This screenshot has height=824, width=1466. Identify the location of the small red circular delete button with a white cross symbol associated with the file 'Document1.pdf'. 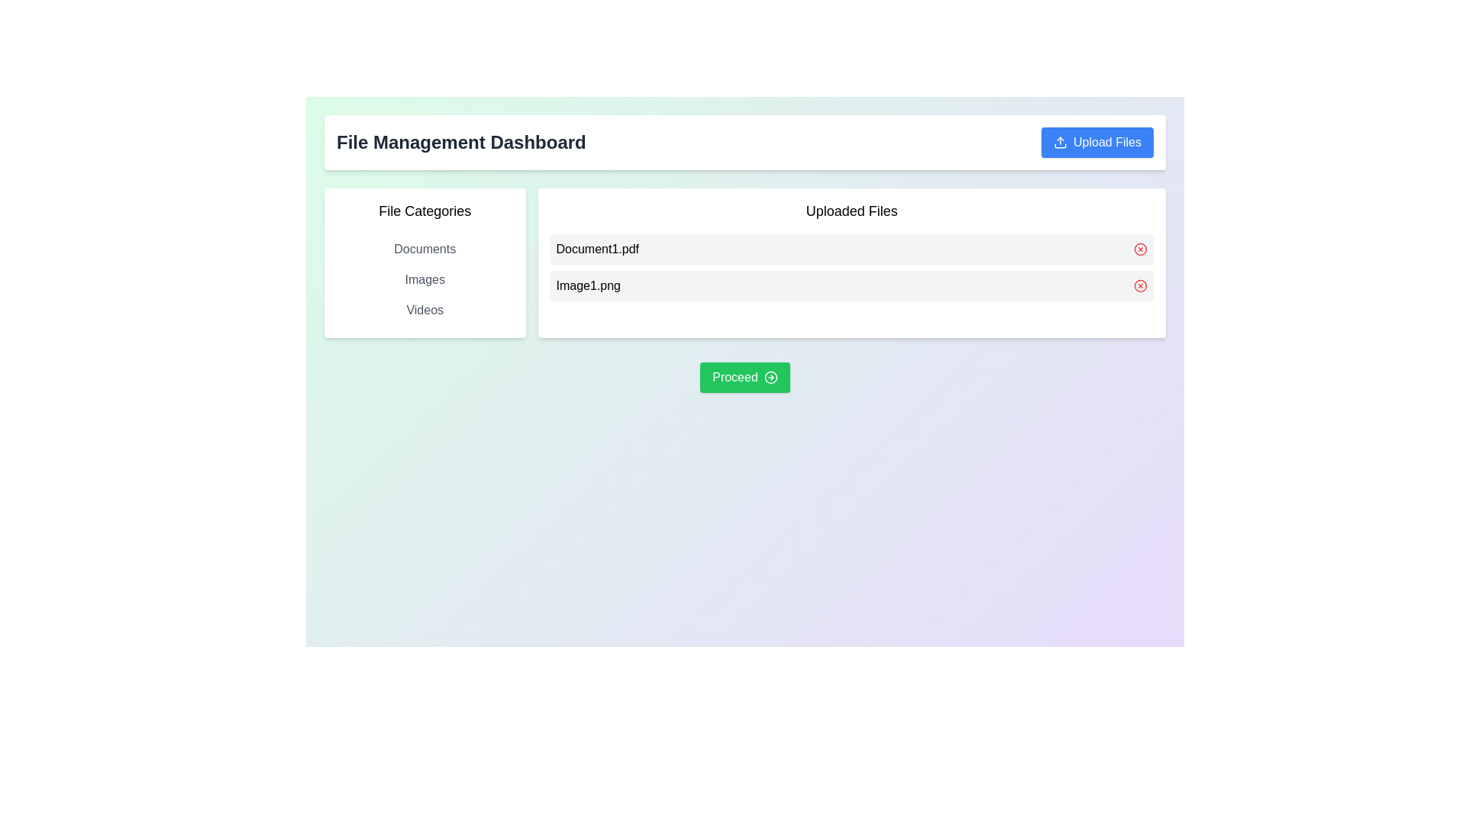
(1140, 249).